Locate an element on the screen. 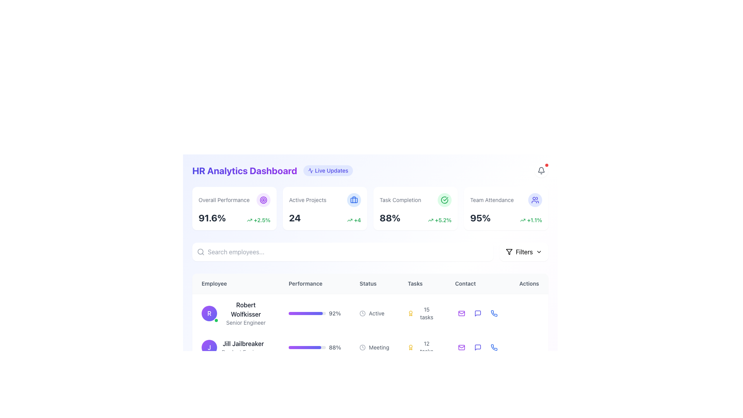  the text label and decorative icon located at the top of the third card in the metrics section of the dashboard, which indicates task completion statistics is located at coordinates (415, 199).